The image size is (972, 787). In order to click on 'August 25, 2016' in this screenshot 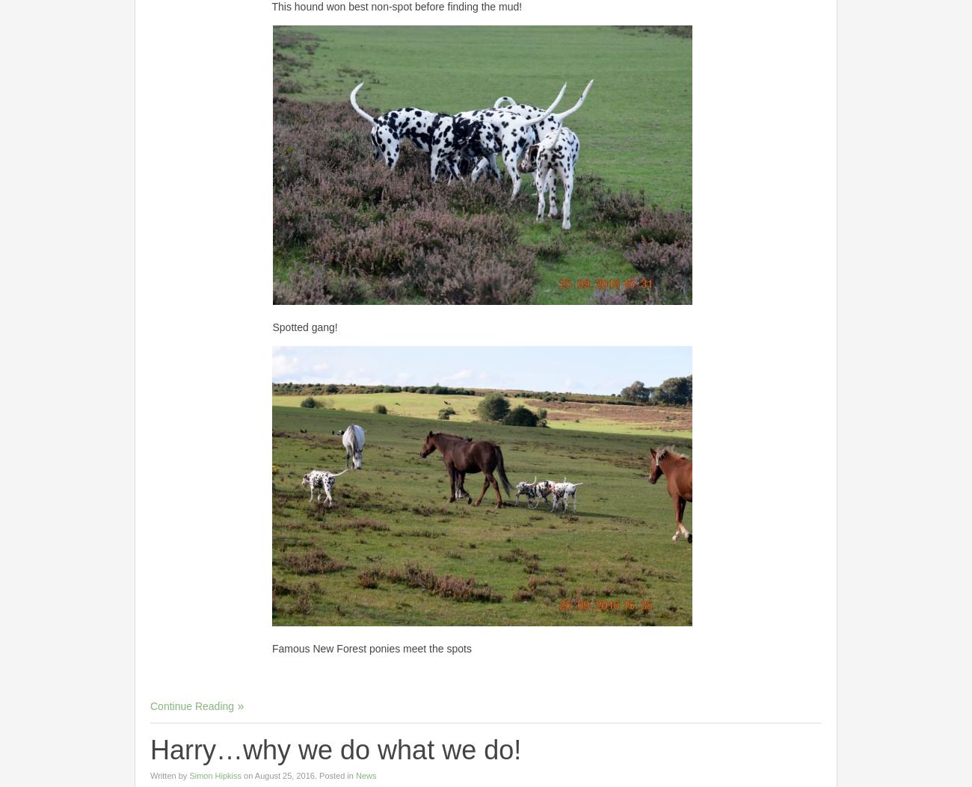, I will do `click(283, 774)`.